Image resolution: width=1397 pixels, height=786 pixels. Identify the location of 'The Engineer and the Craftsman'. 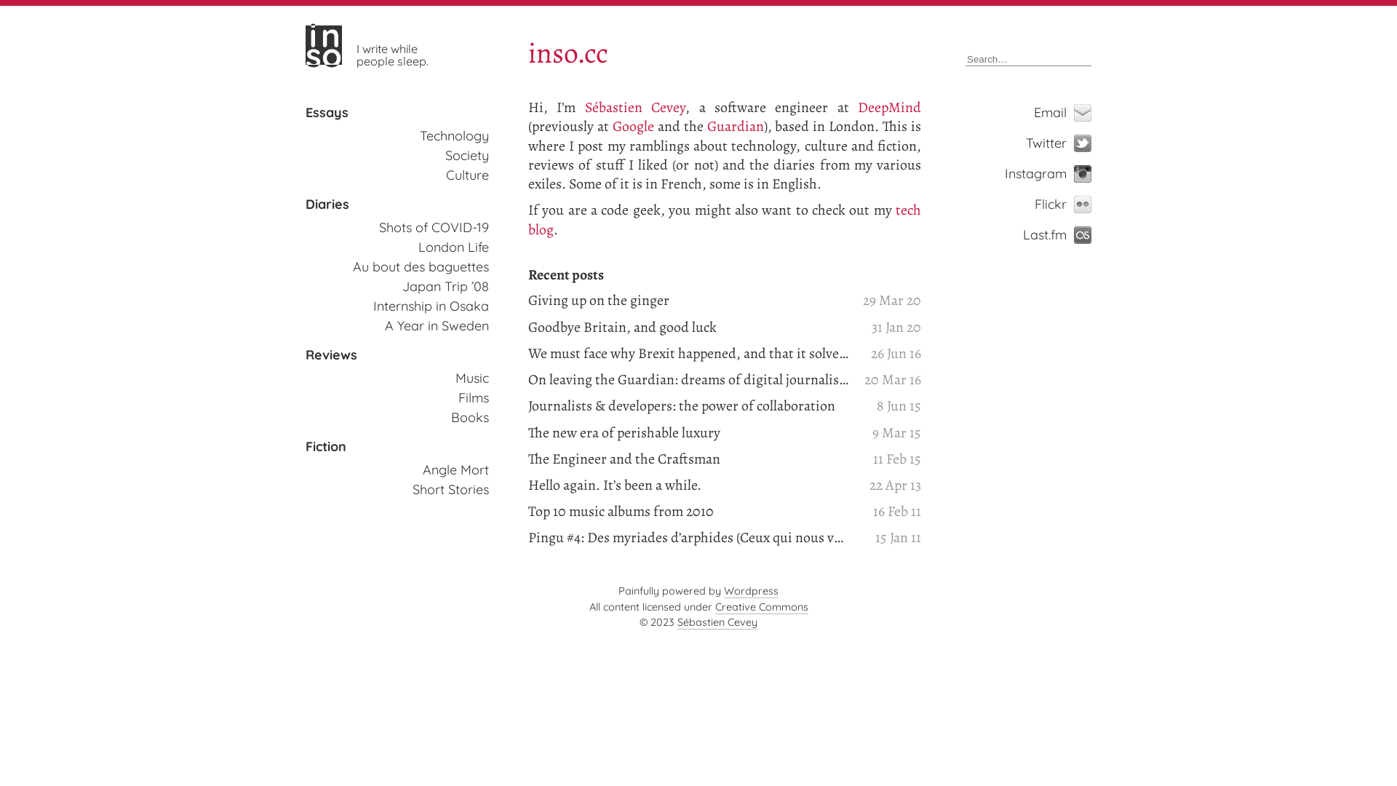
(688, 459).